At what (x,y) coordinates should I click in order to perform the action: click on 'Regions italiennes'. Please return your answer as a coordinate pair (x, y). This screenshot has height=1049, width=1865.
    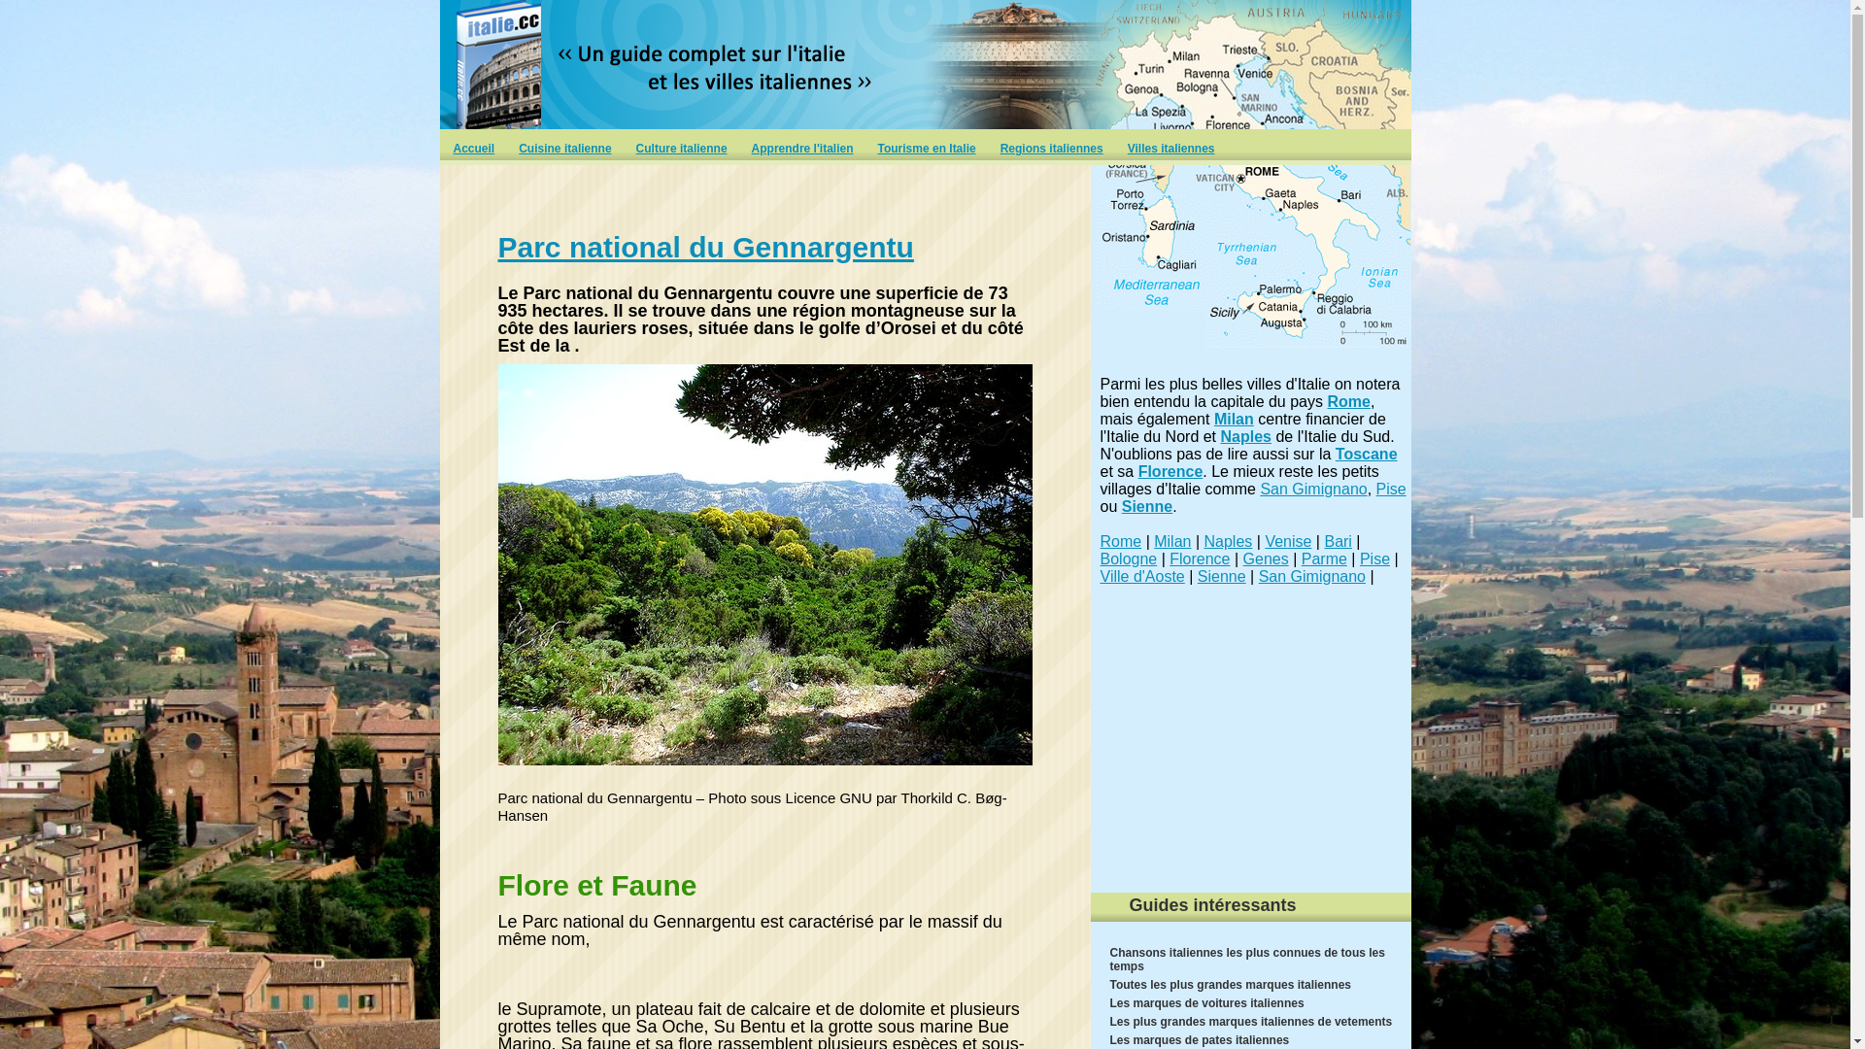
    Looking at the image, I should click on (990, 149).